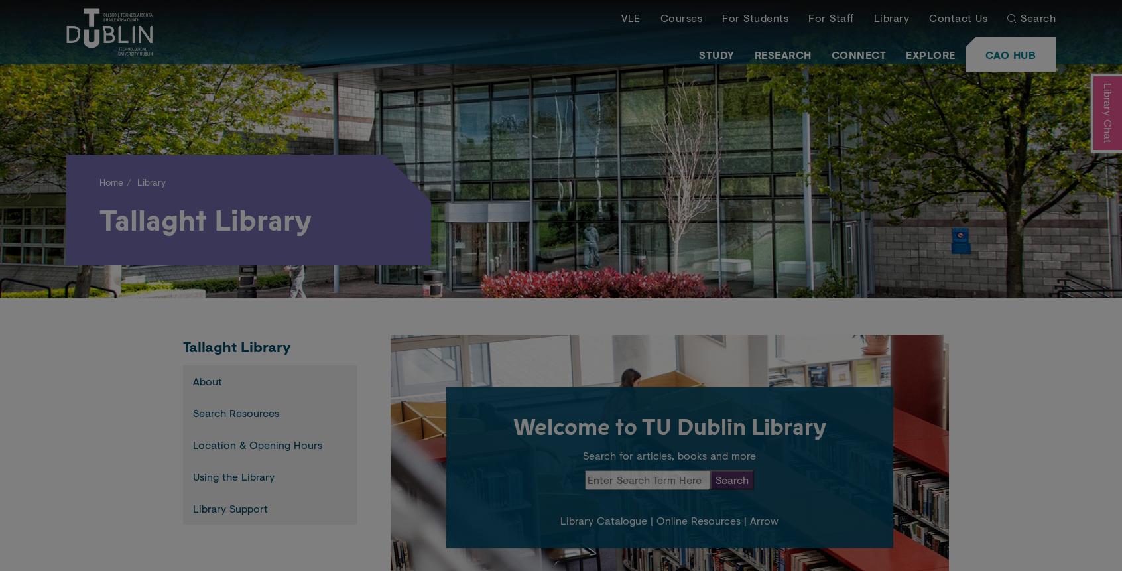 The width and height of the screenshot is (1122, 571). I want to click on 'Library Support', so click(229, 508).